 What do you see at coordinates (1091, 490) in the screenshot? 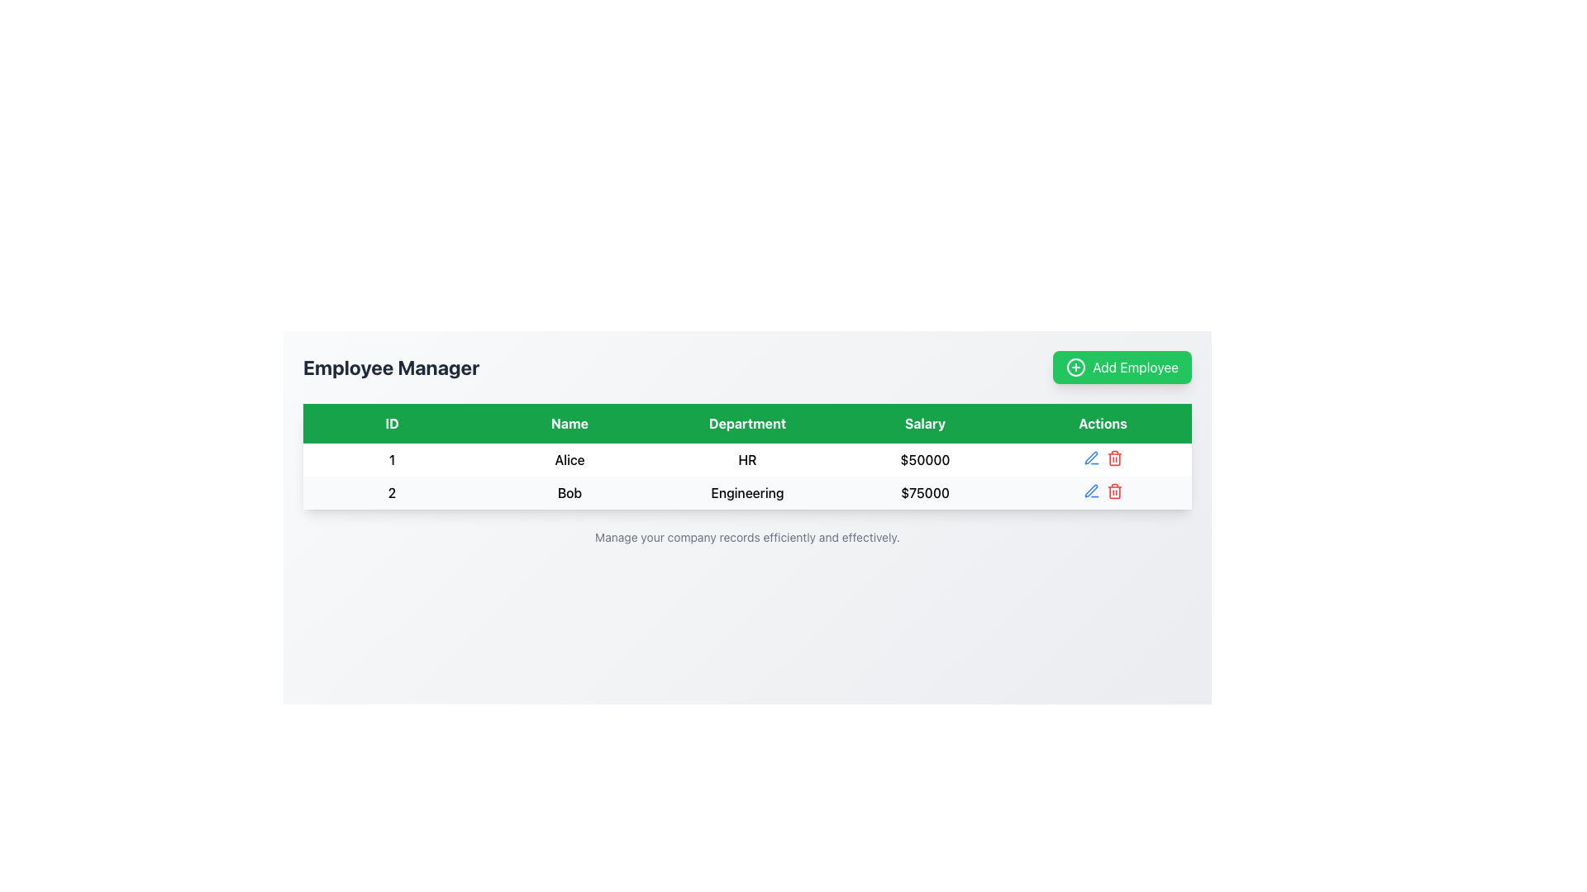
I see `the Editing Pen Icon located in the Actions column of the second row of the employee table` at bounding box center [1091, 490].